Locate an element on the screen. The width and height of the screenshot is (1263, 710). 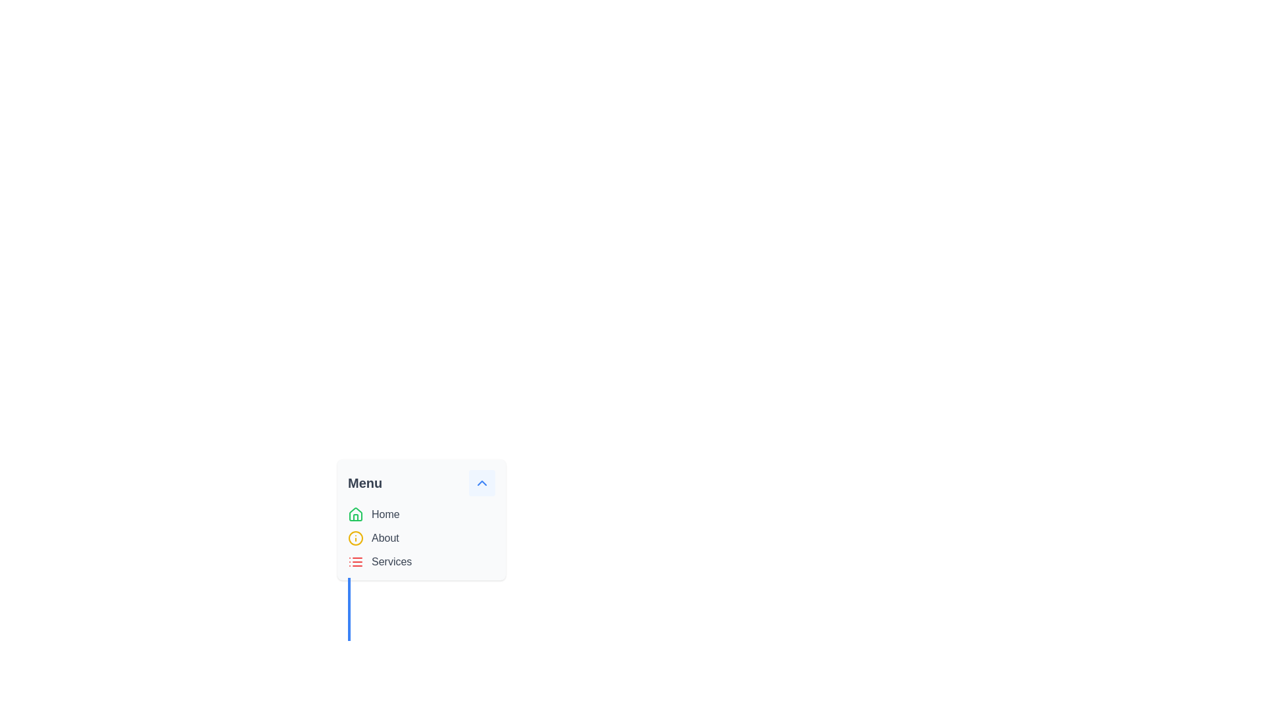
the 'Home' menu item, which is the first item in the vertical menu list is located at coordinates (422, 514).